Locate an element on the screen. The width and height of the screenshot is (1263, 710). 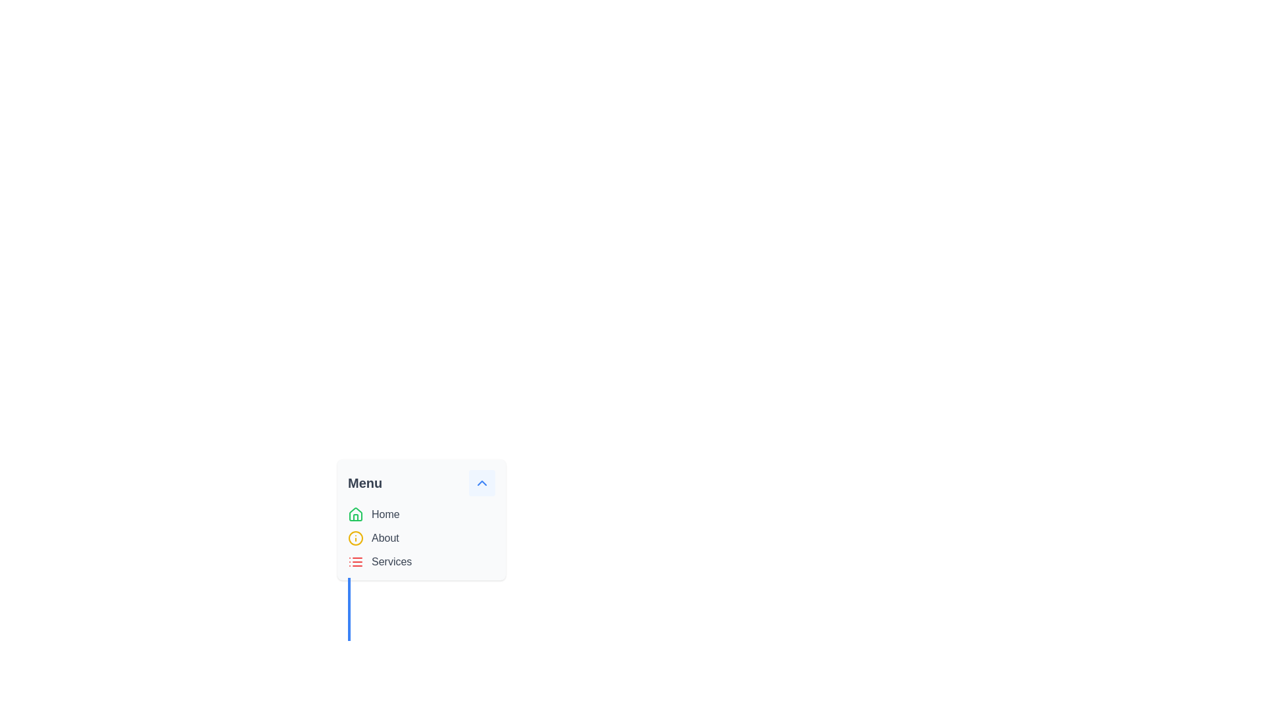
the 'Home' menu item, which is the first item in the vertical menu list is located at coordinates (422, 514).